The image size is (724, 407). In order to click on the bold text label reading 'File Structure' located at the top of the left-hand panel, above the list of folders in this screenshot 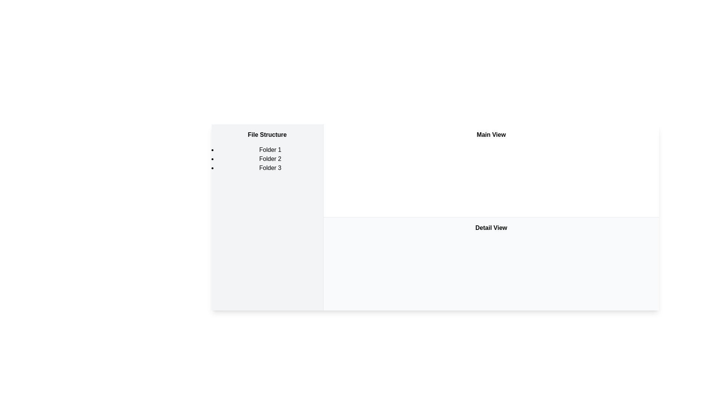, I will do `click(267, 135)`.